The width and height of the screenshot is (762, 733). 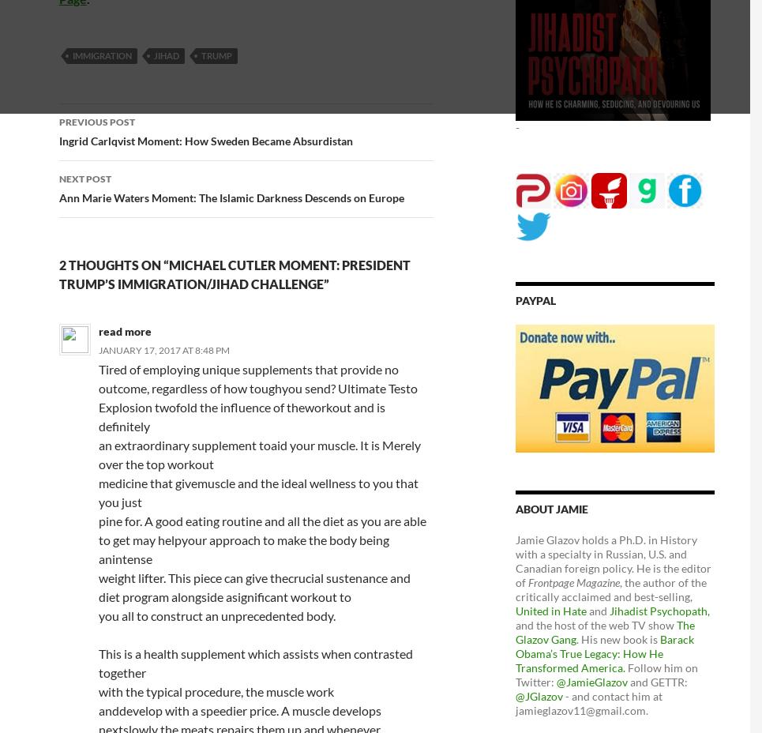 What do you see at coordinates (556, 681) in the screenshot?
I see `'@JamieGlazov'` at bounding box center [556, 681].